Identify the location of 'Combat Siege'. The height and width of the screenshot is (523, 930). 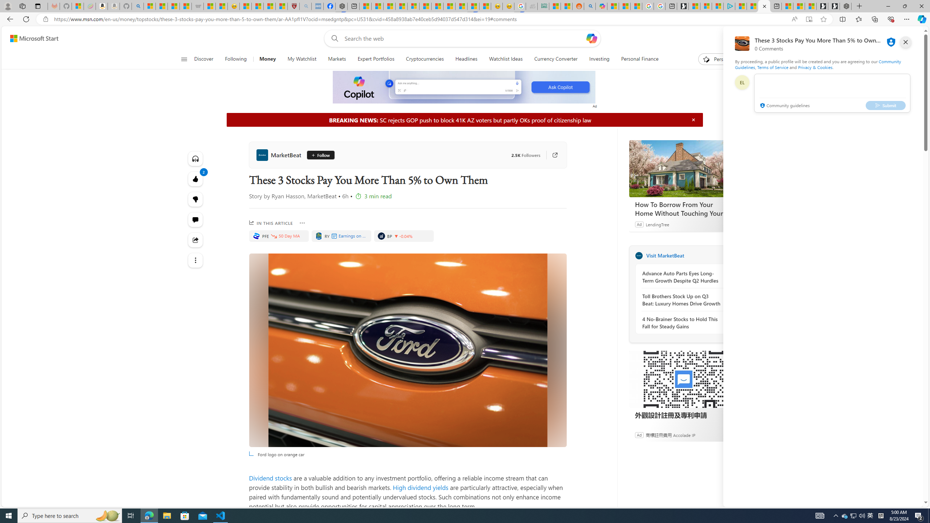
(197, 6).